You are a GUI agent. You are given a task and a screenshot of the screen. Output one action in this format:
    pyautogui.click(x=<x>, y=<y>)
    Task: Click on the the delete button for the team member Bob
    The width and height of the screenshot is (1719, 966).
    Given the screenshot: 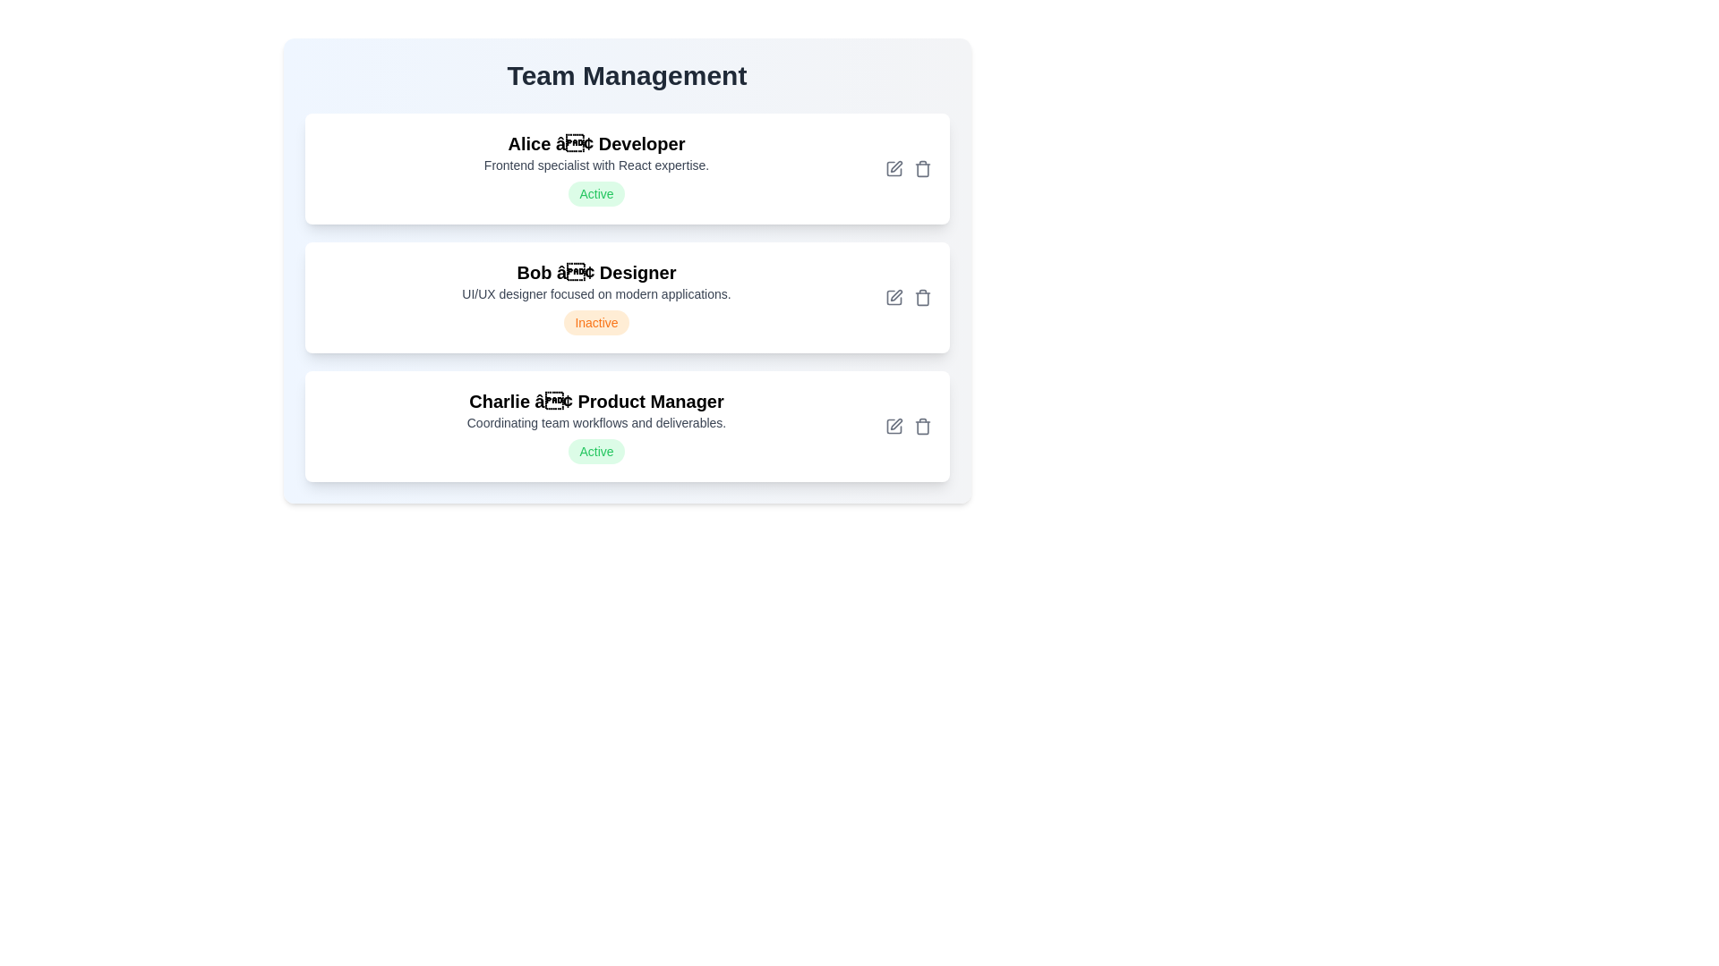 What is the action you would take?
    pyautogui.click(x=922, y=296)
    